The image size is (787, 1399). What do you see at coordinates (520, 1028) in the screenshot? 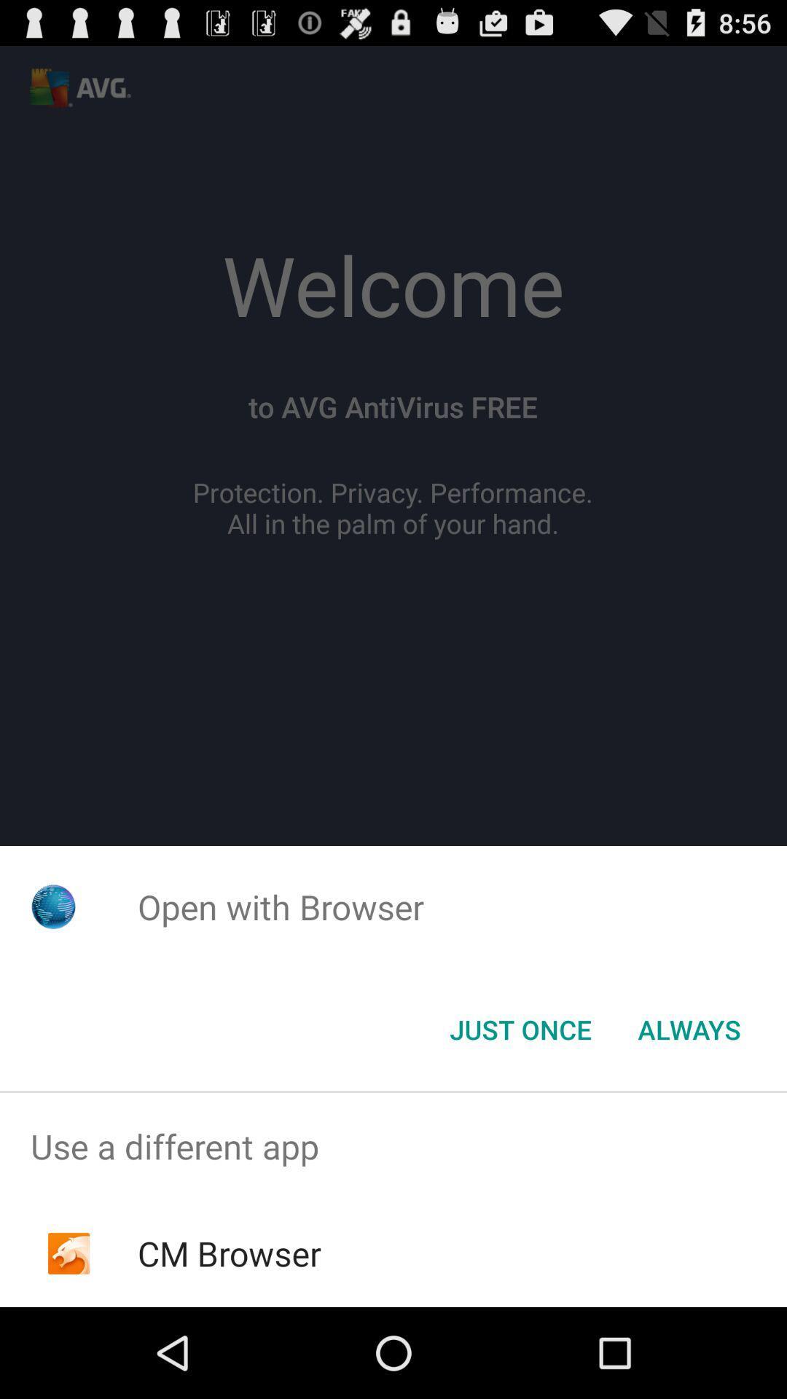
I see `the just once item` at bounding box center [520, 1028].